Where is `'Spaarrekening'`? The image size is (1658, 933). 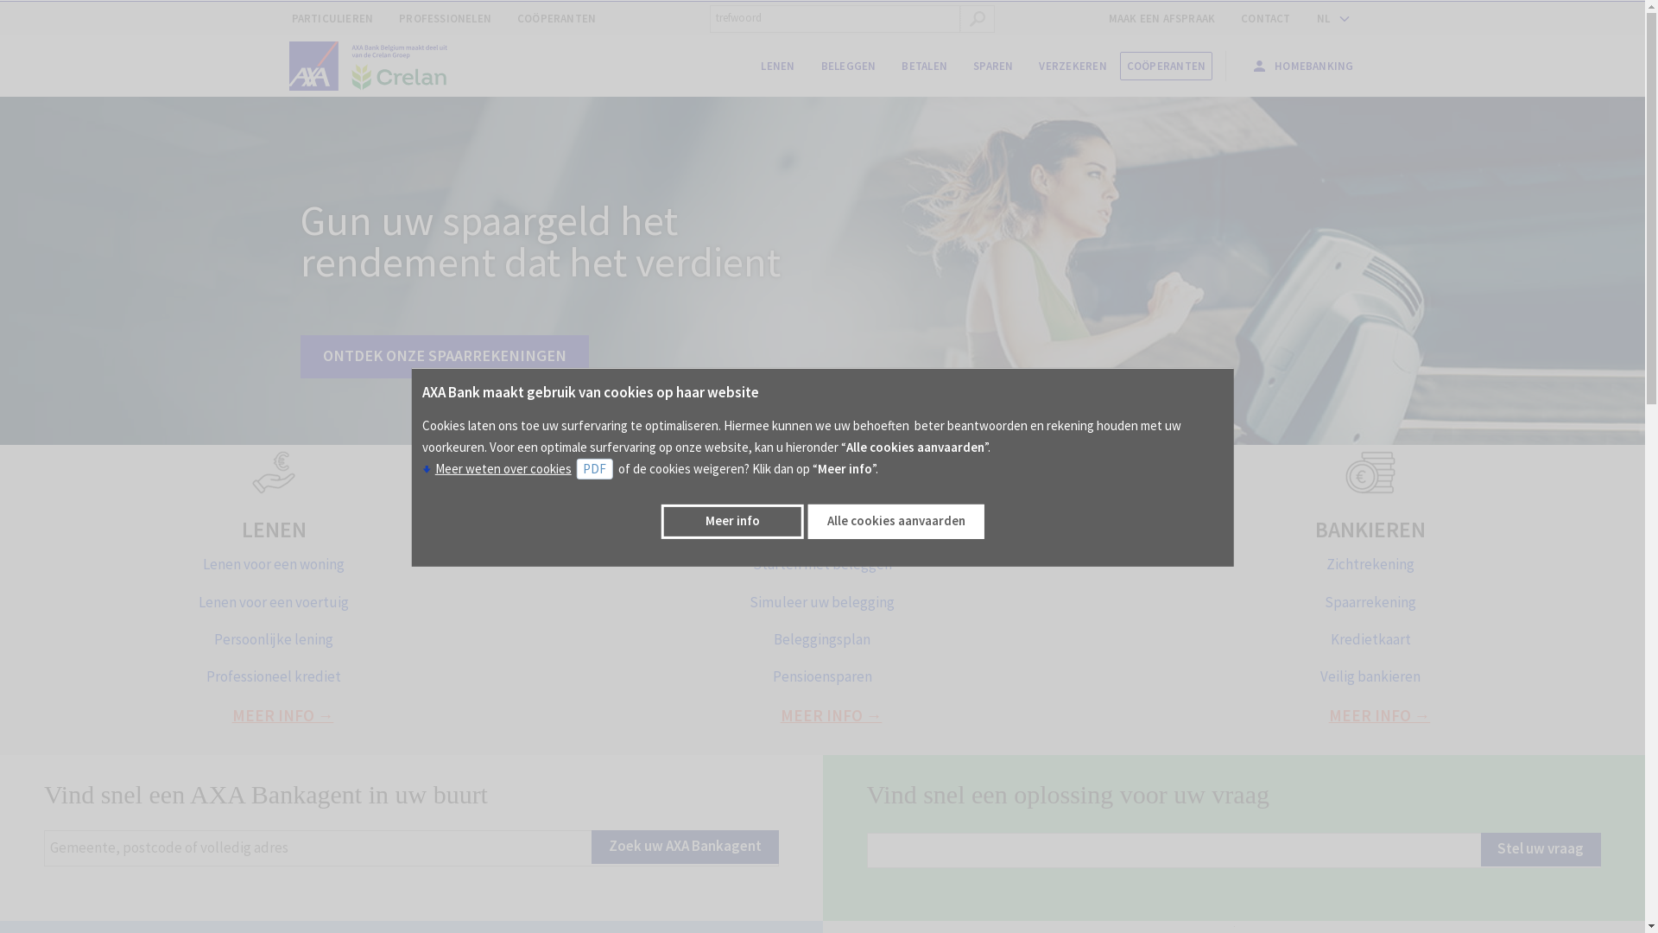
'Spaarrekening' is located at coordinates (1370, 601).